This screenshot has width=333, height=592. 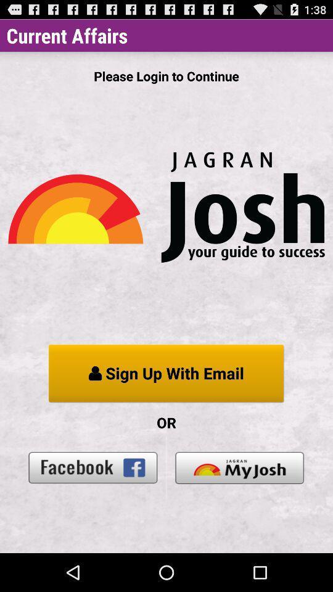 I want to click on sign in with myjosh, so click(x=239, y=467).